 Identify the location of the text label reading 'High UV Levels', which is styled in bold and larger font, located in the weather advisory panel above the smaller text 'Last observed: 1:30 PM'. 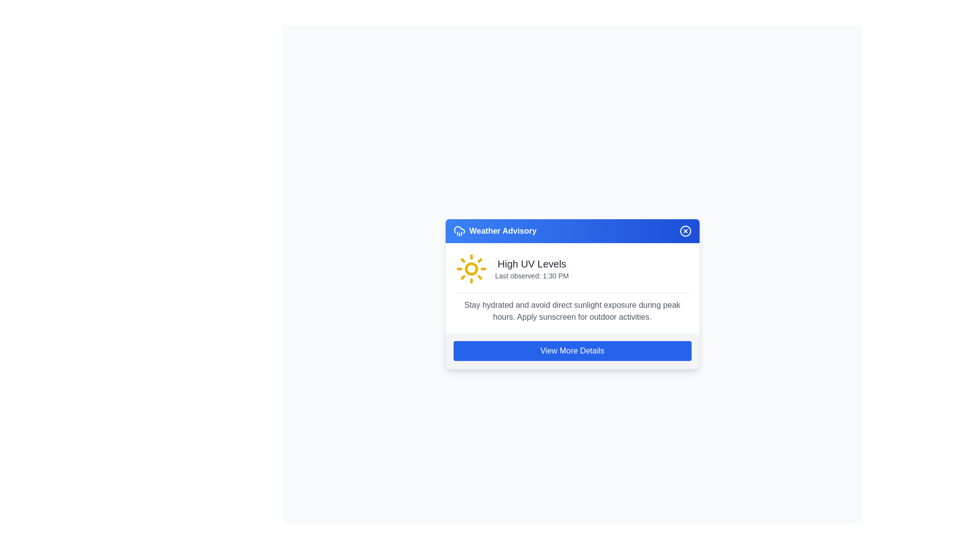
(531, 263).